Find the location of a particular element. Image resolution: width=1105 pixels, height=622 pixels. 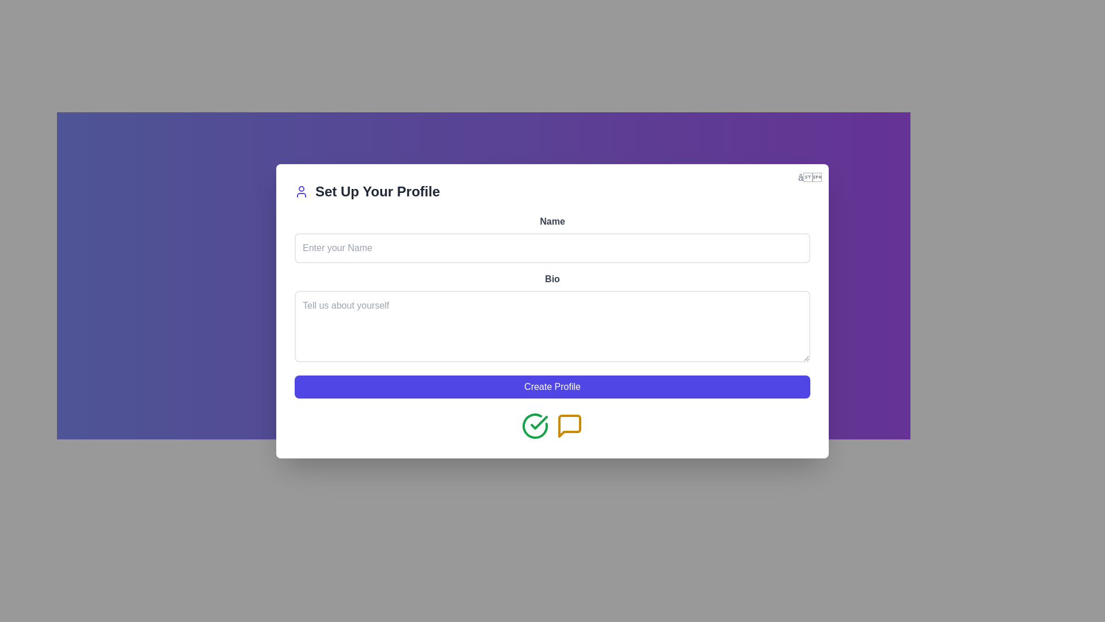

the decorative icon associated with setting up a user profile, located to the left of the heading text 'Set Up Your Profile' is located at coordinates (301, 191).